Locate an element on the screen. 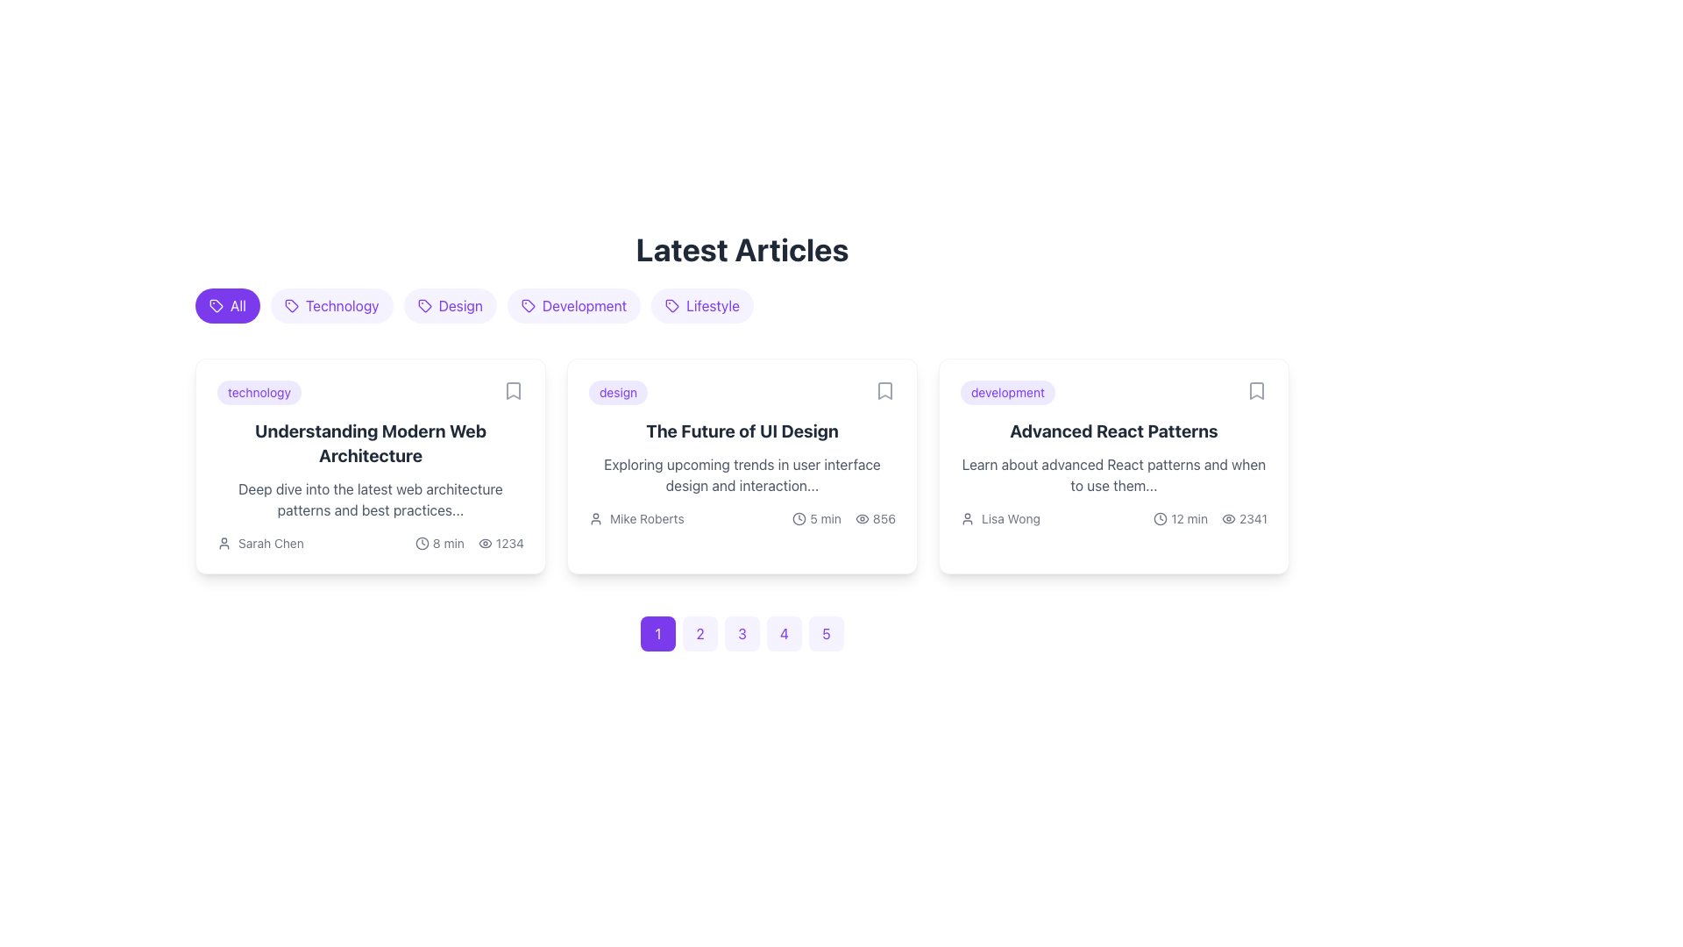 The width and height of the screenshot is (1683, 947). the selectable tag or category indicator text label located to the immediate right of the icon in the top-center area of the interface is located at coordinates (238, 304).